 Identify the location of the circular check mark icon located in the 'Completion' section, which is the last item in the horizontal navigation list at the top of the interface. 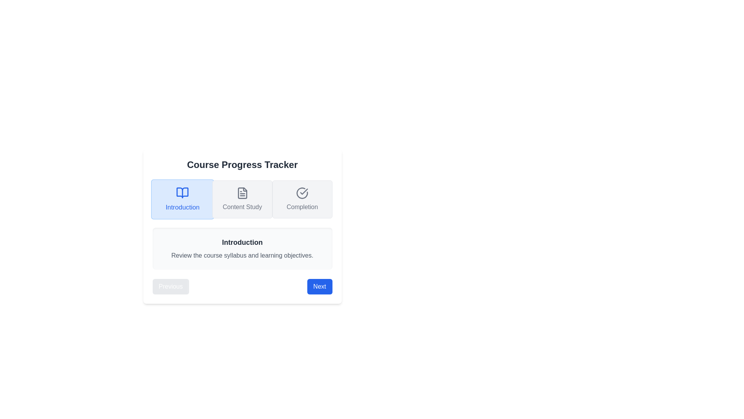
(302, 192).